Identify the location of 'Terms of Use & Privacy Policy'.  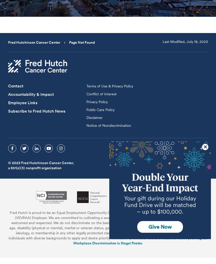
(86, 86).